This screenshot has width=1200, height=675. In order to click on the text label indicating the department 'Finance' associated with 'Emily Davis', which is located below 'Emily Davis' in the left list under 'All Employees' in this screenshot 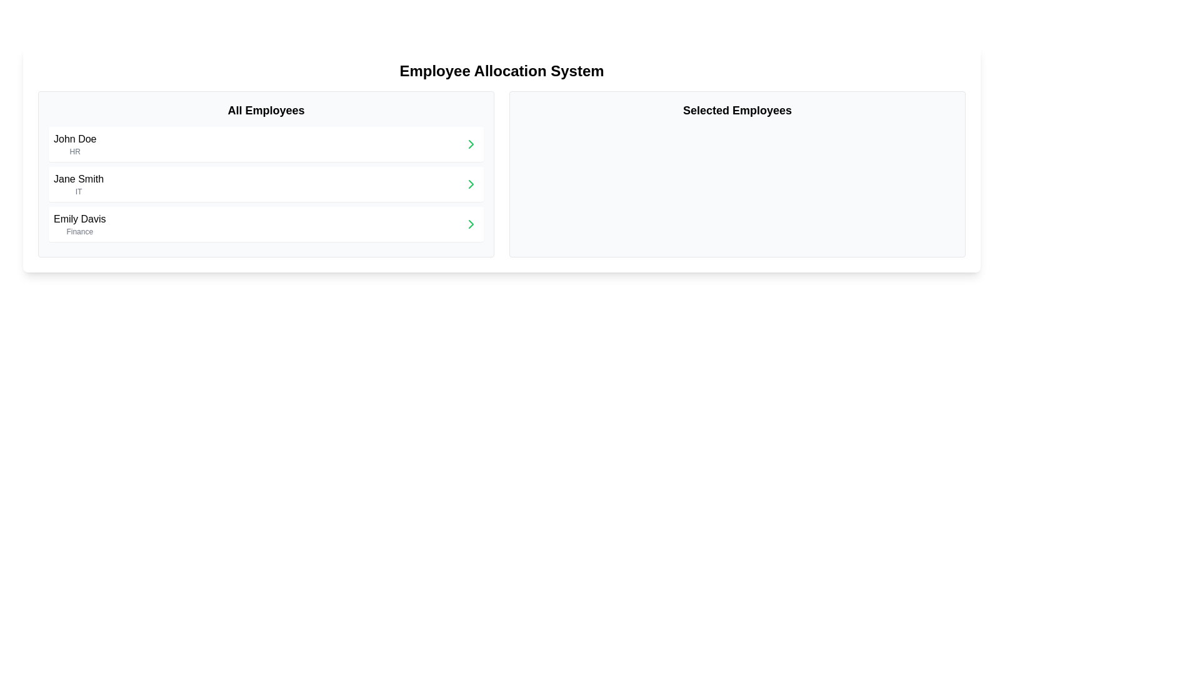, I will do `click(79, 231)`.